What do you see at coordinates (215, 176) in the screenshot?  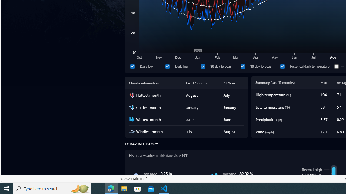 I see `'Humidity'` at bounding box center [215, 176].